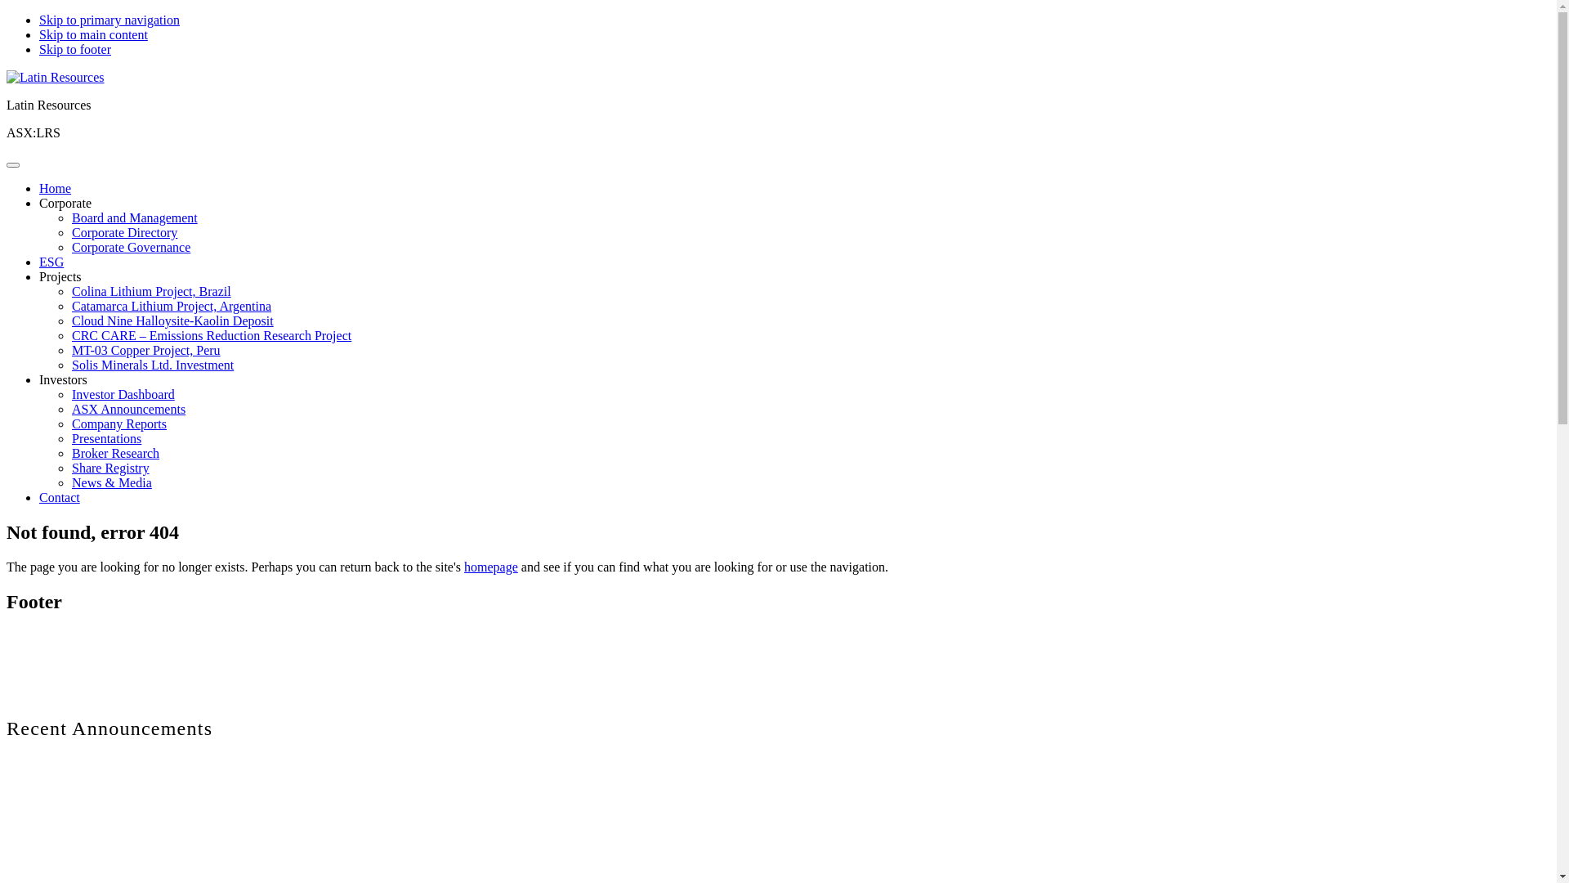 This screenshot has height=883, width=1569. Describe the element at coordinates (131, 247) in the screenshot. I see `'Corporate Governance'` at that location.